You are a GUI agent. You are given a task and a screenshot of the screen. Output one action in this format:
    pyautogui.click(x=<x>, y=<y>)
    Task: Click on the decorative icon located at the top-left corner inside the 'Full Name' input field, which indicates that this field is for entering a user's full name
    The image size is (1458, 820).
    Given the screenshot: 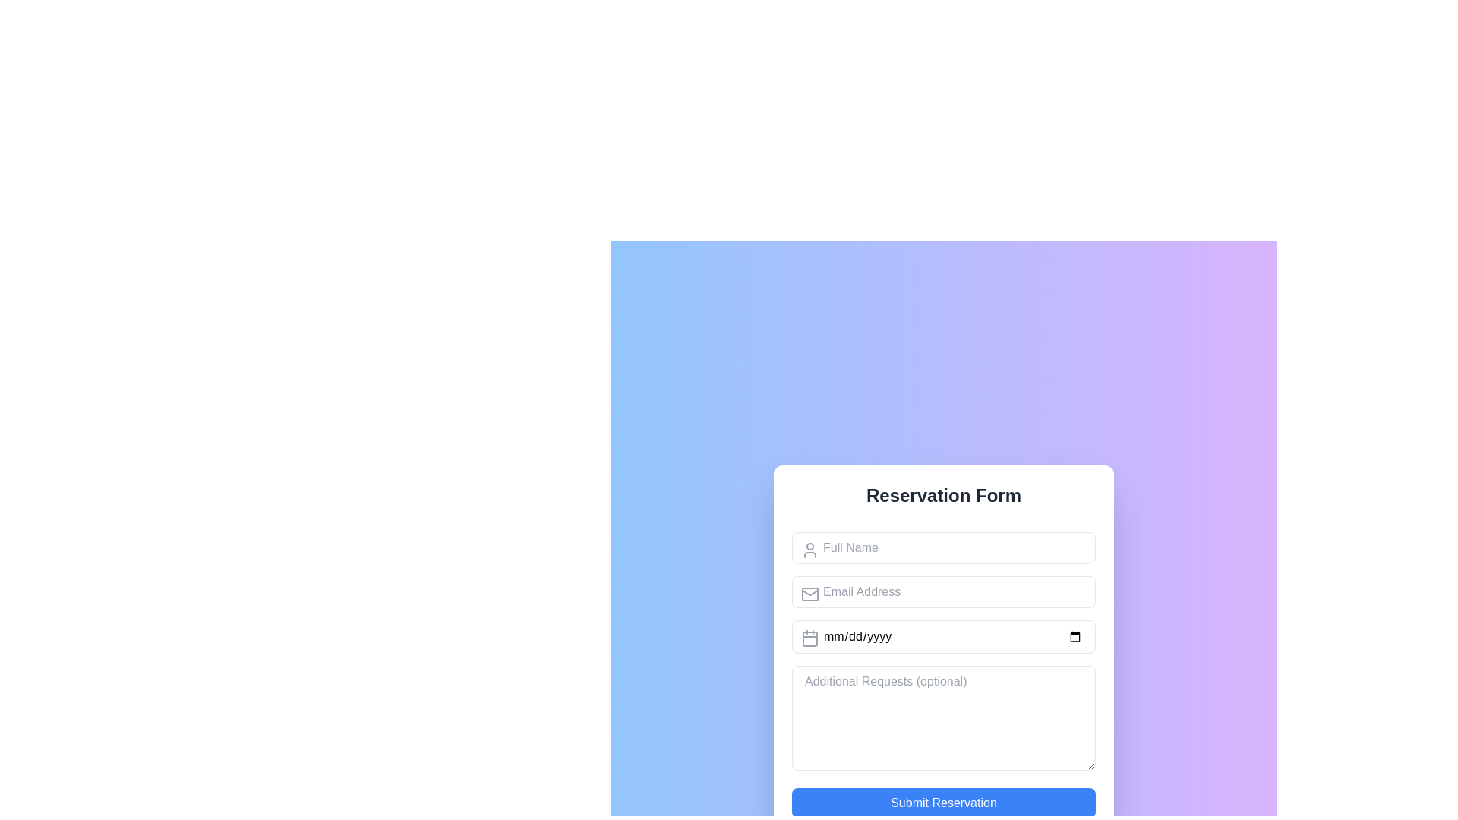 What is the action you would take?
    pyautogui.click(x=809, y=550)
    